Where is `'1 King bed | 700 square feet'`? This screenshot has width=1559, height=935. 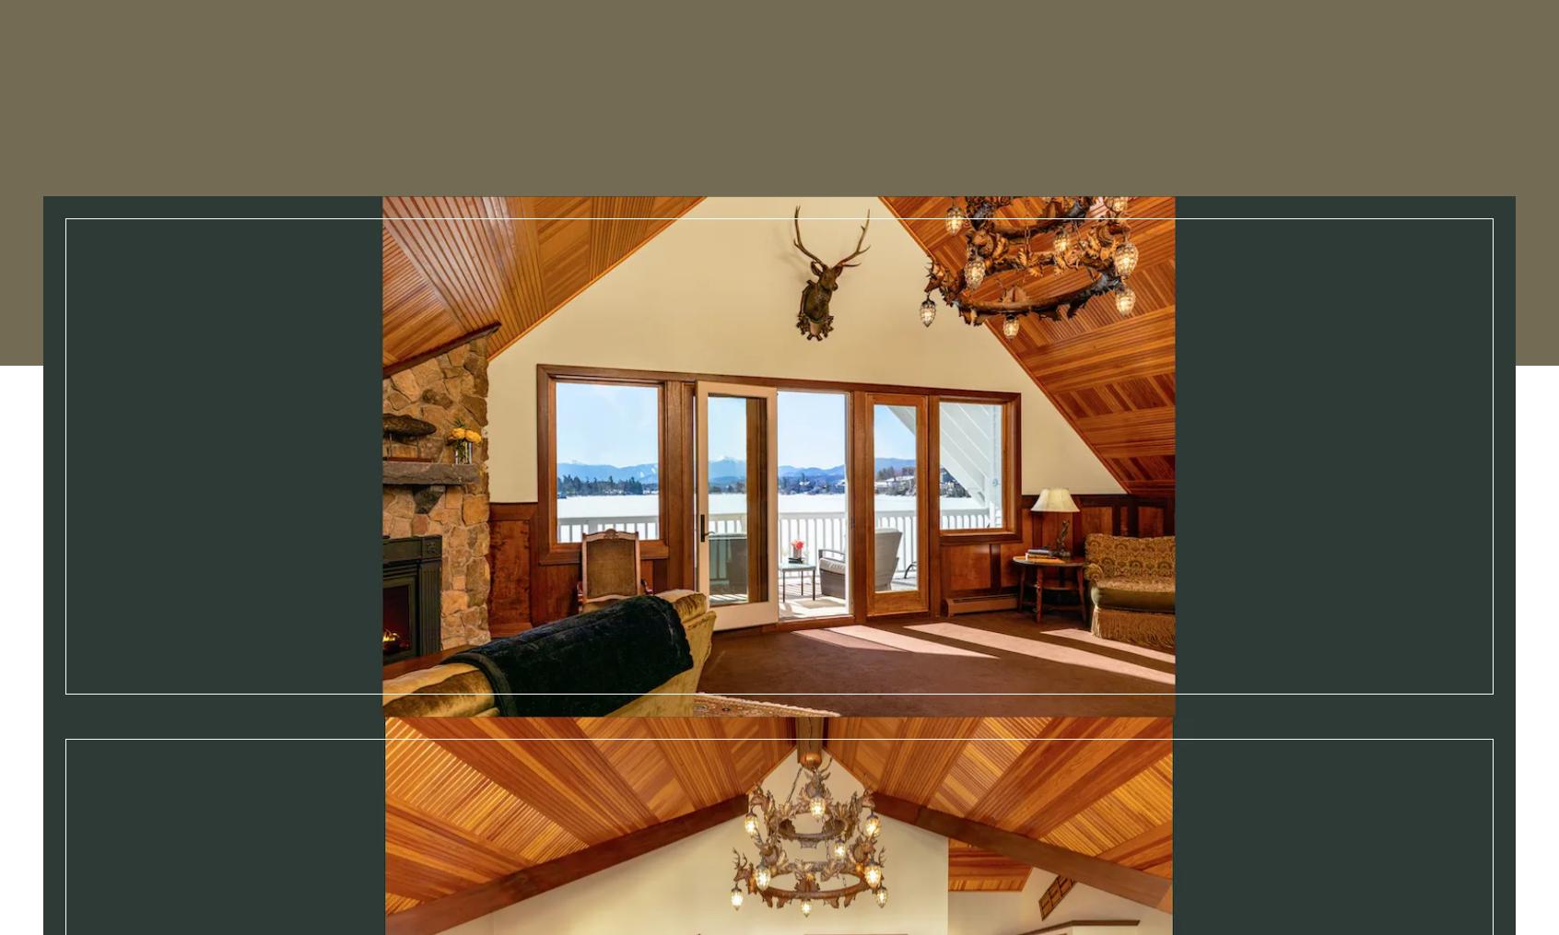 '1 King bed | 700 square feet' is located at coordinates (1039, 840).